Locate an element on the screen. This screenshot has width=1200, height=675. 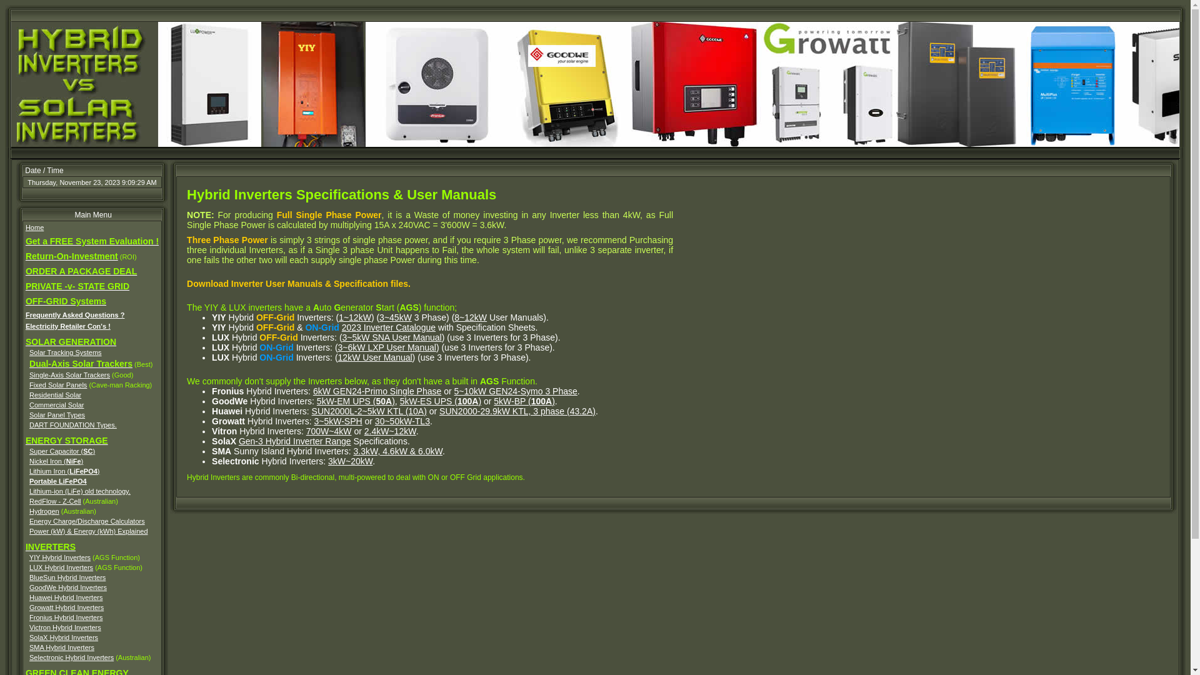
'Fixed Solar Panels' is located at coordinates (57, 384).